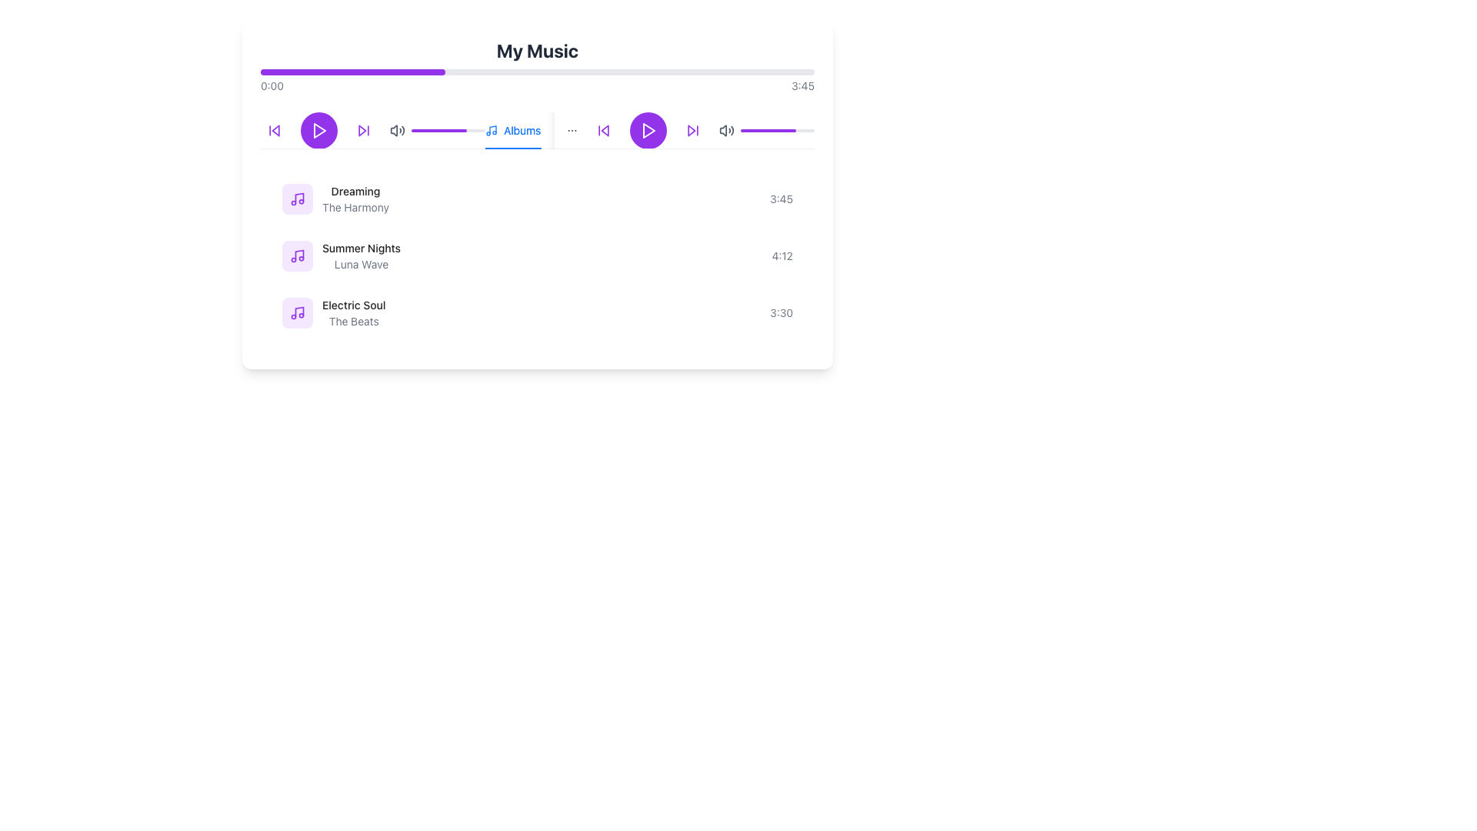 The image size is (1477, 831). Describe the element at coordinates (603, 129) in the screenshot. I see `the purple backward skip button icon, which is an SVG element located to the left of the large play button in the horizontal controls bar` at that location.